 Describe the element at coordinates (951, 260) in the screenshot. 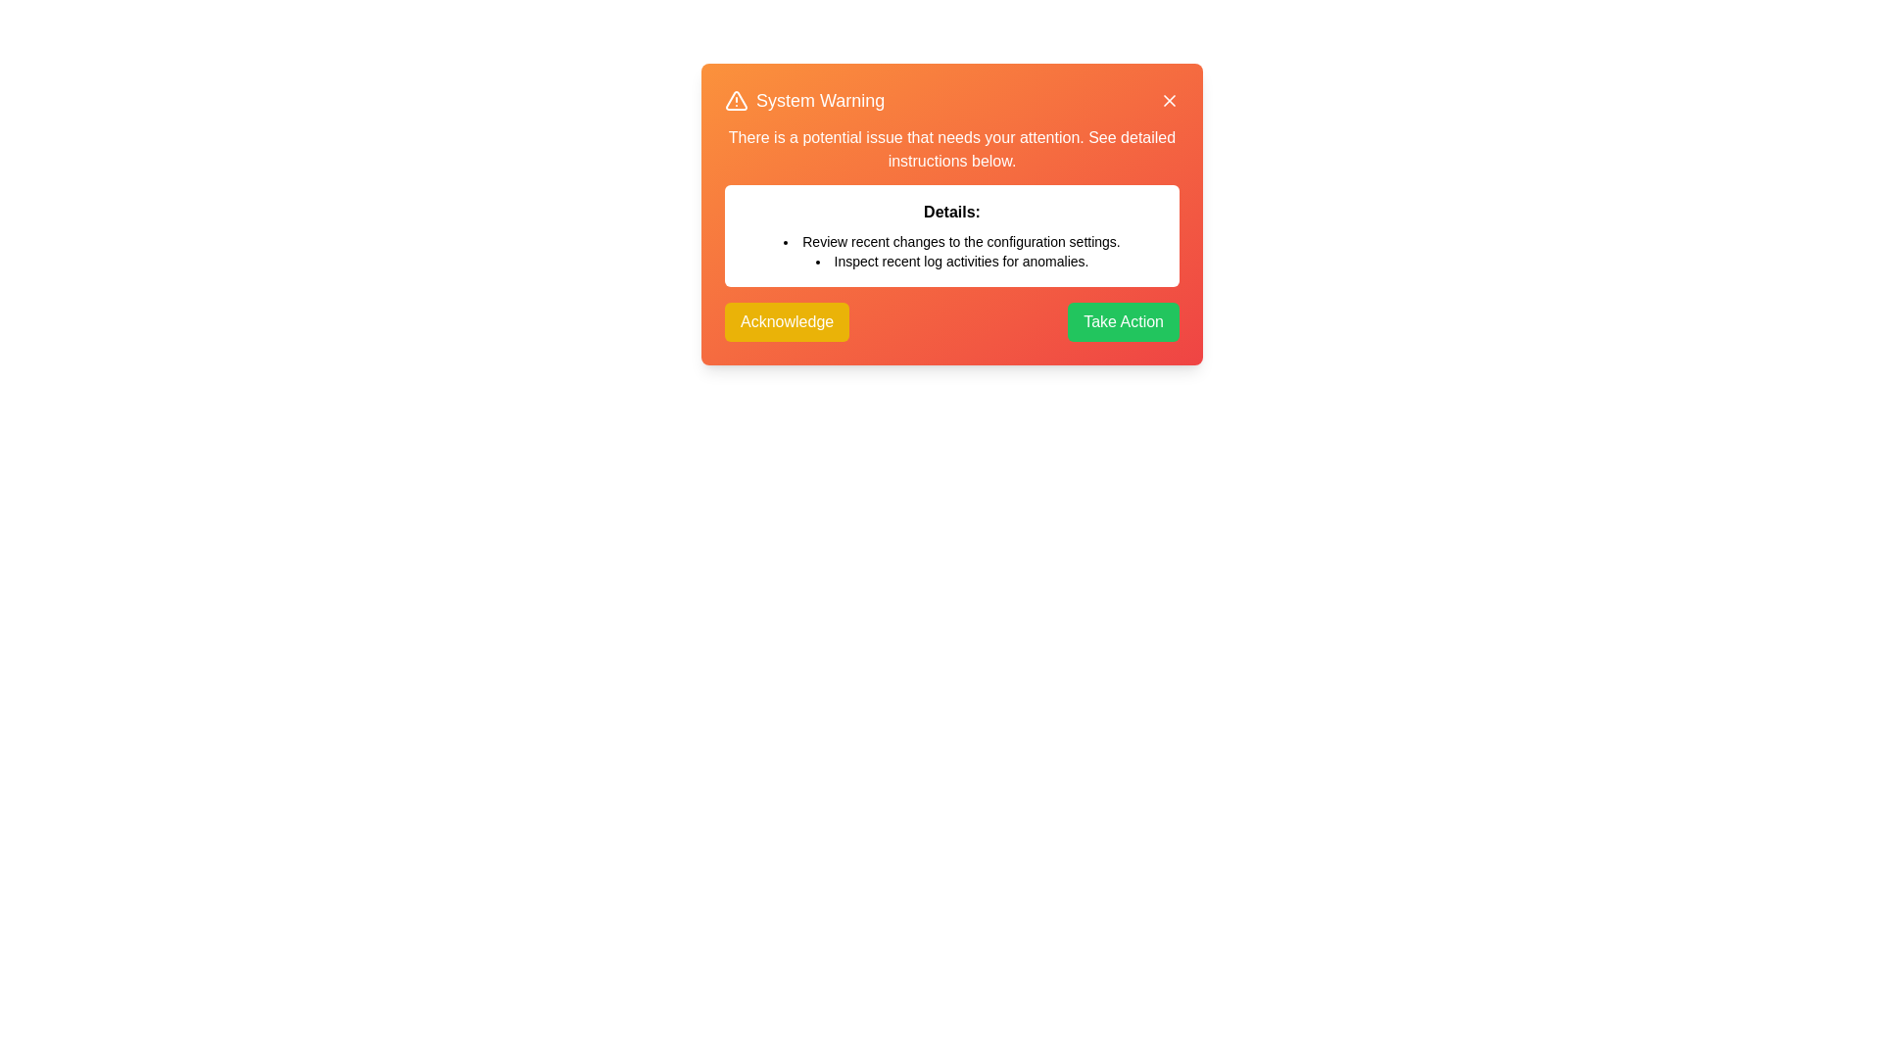

I see `the static text list item that reads 'Inspect recent log activities for anomalies.', which is the second item in the bulleted list under the 'Details:' section` at that location.